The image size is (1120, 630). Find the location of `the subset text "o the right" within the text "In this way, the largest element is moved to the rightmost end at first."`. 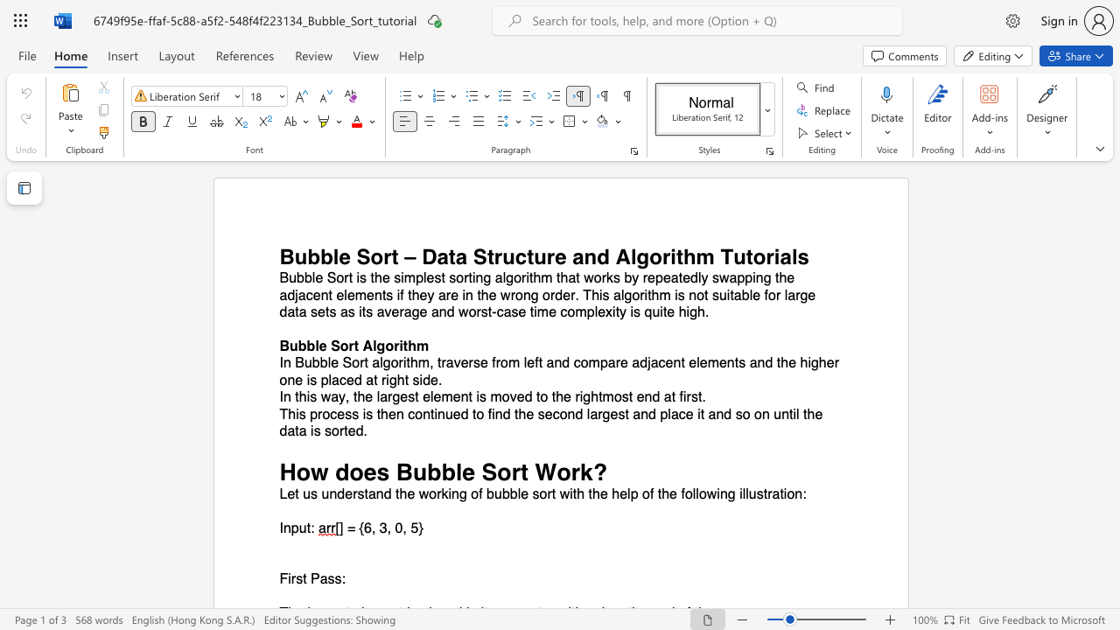

the subset text "o the right" within the text "In this way, the largest element is moved to the rightmost end at first." is located at coordinates (539, 397).